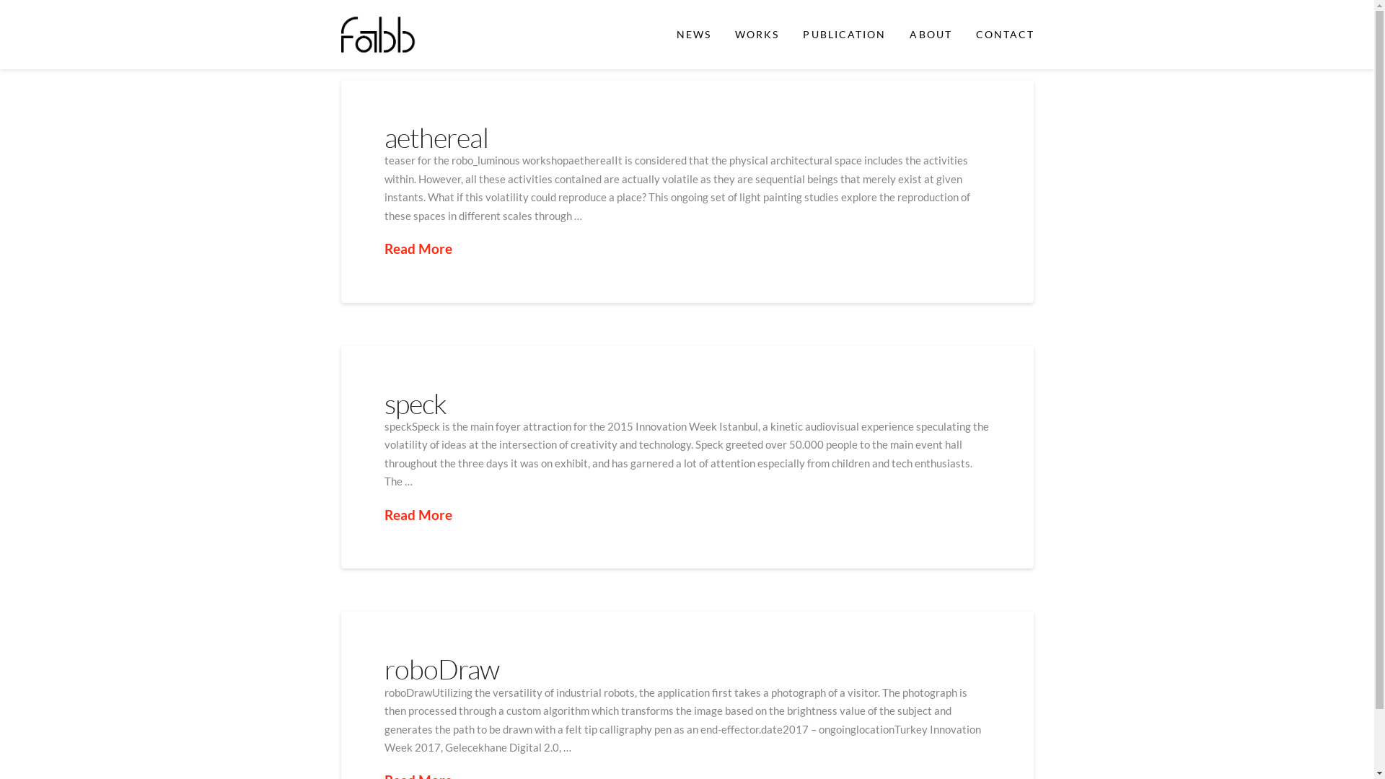 The image size is (1385, 779). I want to click on 'roboDraw', so click(440, 669).